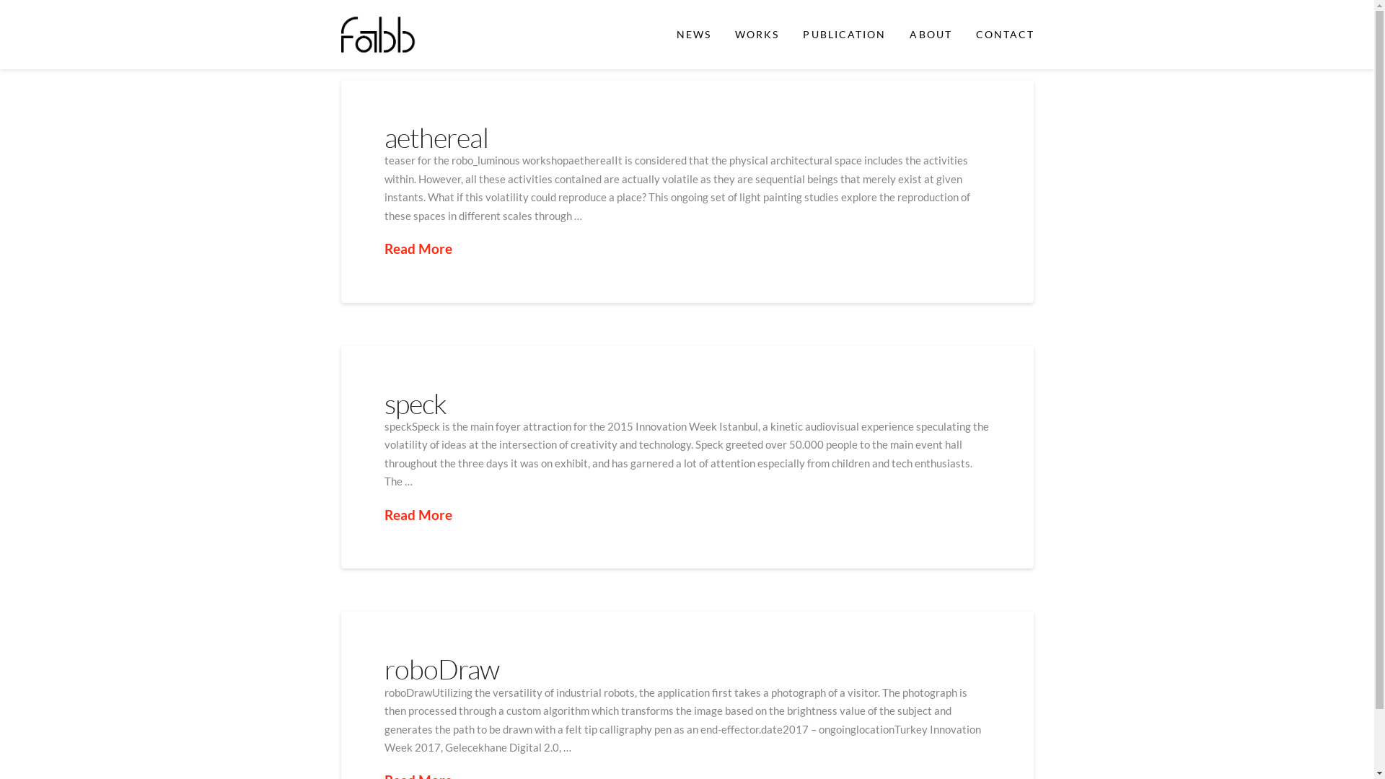 The image size is (1385, 779). I want to click on 'roboDraw', so click(440, 669).